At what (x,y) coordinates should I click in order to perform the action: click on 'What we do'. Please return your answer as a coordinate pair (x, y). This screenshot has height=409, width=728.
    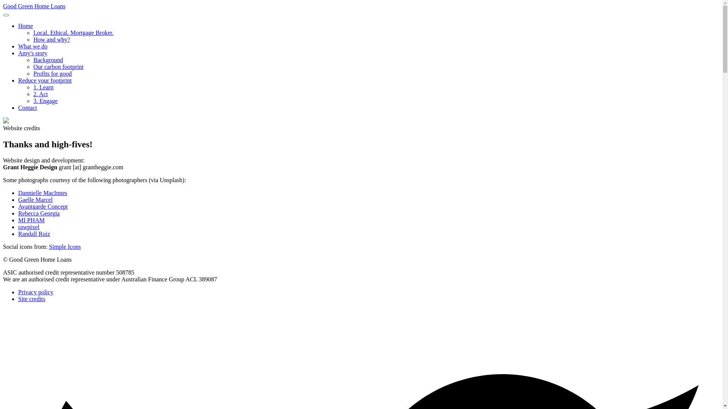
    Looking at the image, I should click on (32, 46).